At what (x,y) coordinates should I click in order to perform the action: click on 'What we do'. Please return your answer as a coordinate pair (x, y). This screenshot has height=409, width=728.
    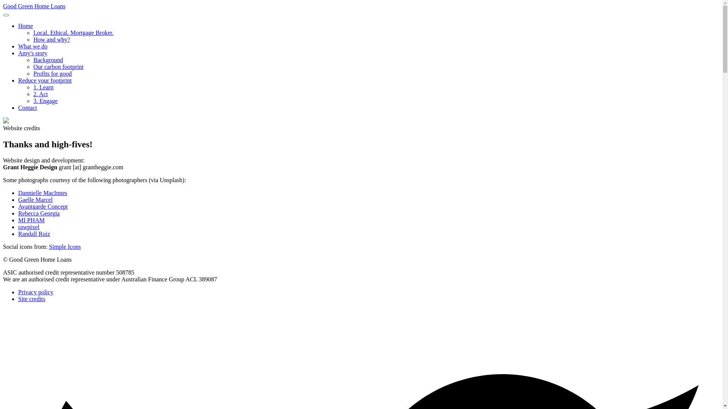
    Looking at the image, I should click on (32, 46).